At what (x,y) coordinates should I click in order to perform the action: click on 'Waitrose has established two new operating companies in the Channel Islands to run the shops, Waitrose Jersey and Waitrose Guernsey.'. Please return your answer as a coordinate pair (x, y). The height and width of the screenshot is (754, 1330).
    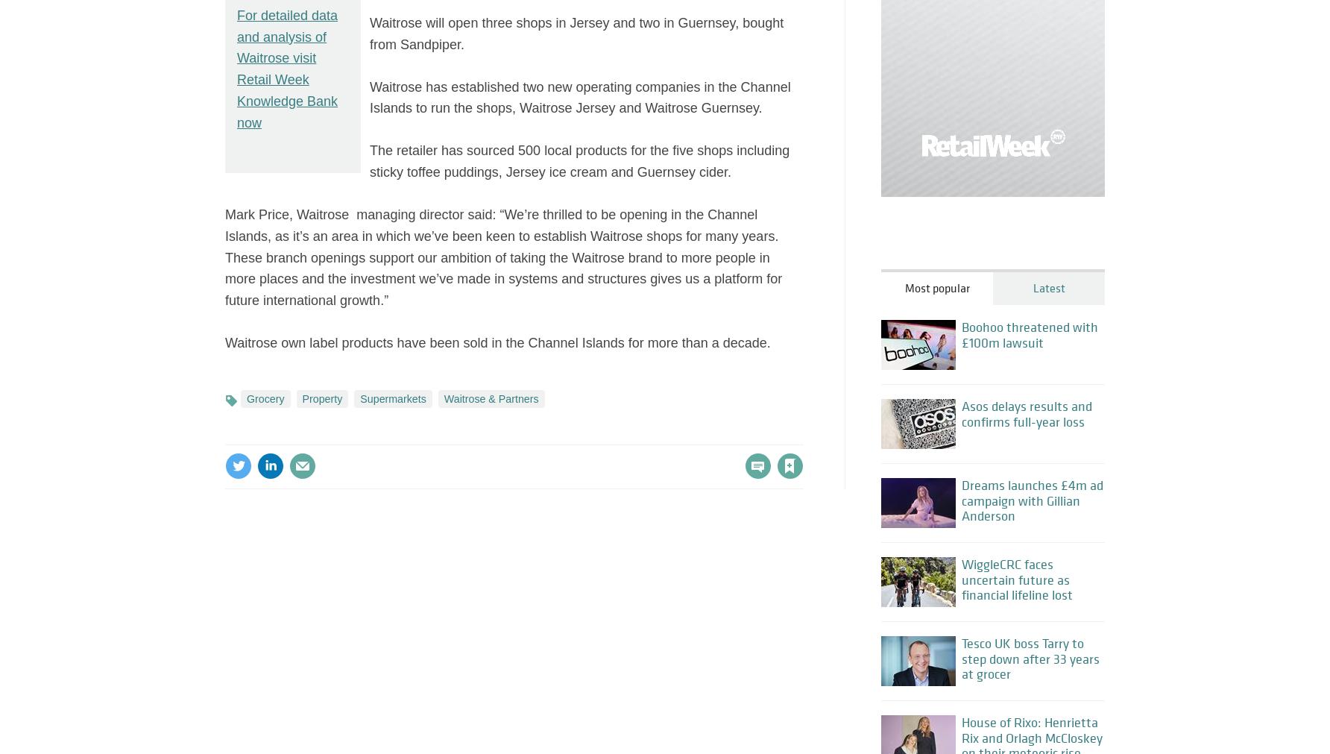
    Looking at the image, I should click on (580, 96).